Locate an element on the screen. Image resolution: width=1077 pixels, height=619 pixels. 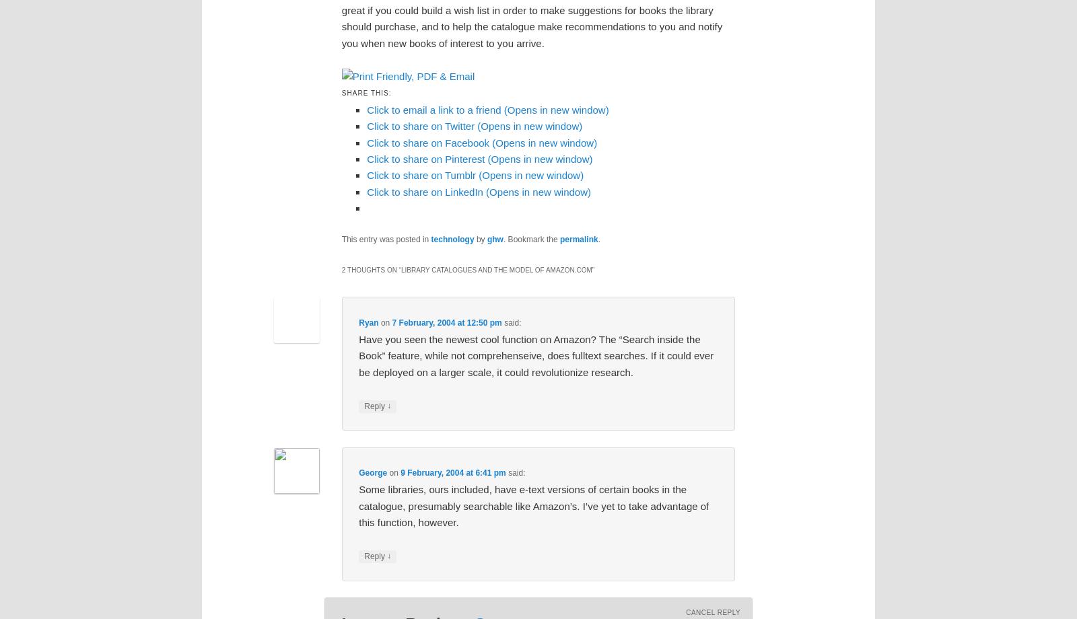
'.' is located at coordinates (598, 238).